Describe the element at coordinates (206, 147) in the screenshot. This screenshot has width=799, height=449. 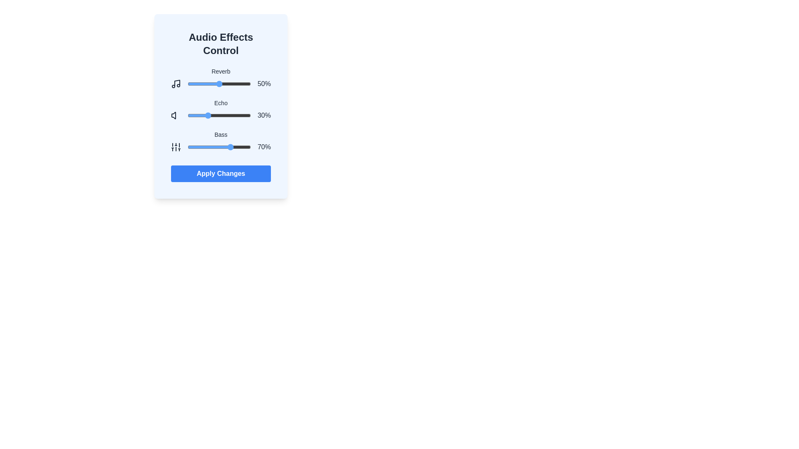
I see `the bass level` at that location.